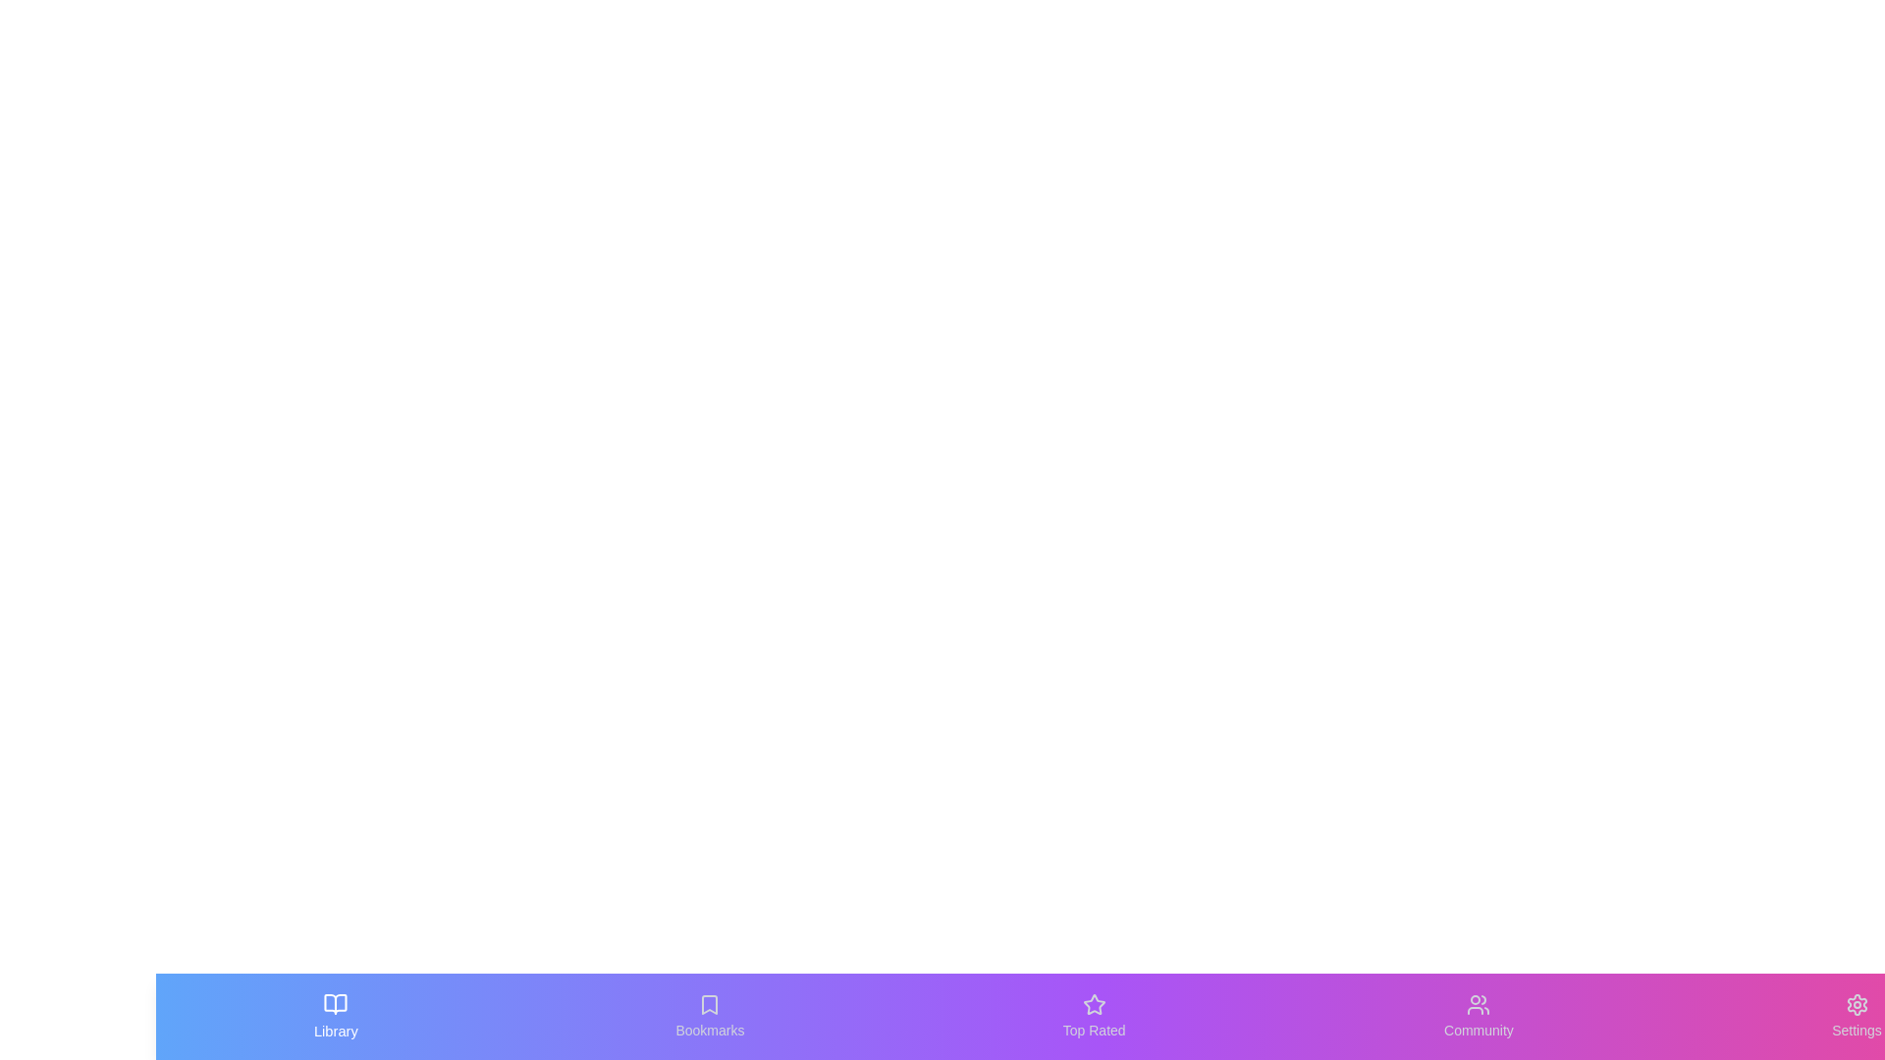  I want to click on the Community tab by clicking its button, so click(1479, 1016).